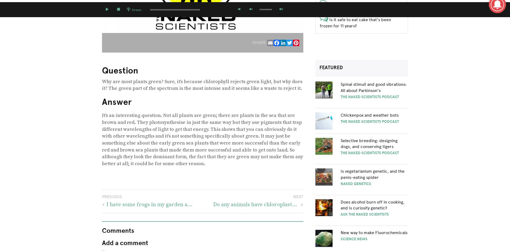  Describe the element at coordinates (259, 42) in the screenshot. I see `'Share'` at that location.